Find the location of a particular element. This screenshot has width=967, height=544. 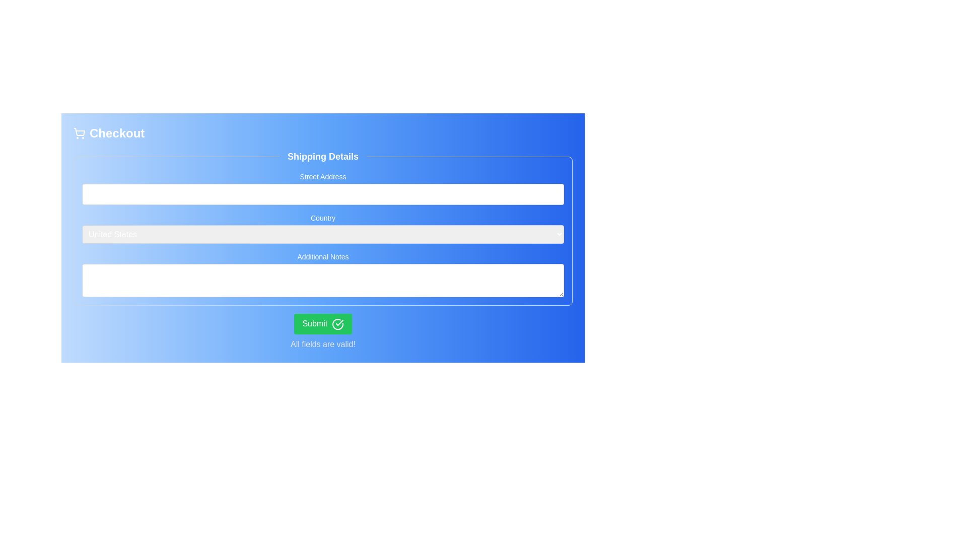

the shopping cart icon, which is styled in a line-drawing aesthetic and displayed in white against a blue background, located to the left of the 'Checkout' text in the header area is located at coordinates (79, 133).